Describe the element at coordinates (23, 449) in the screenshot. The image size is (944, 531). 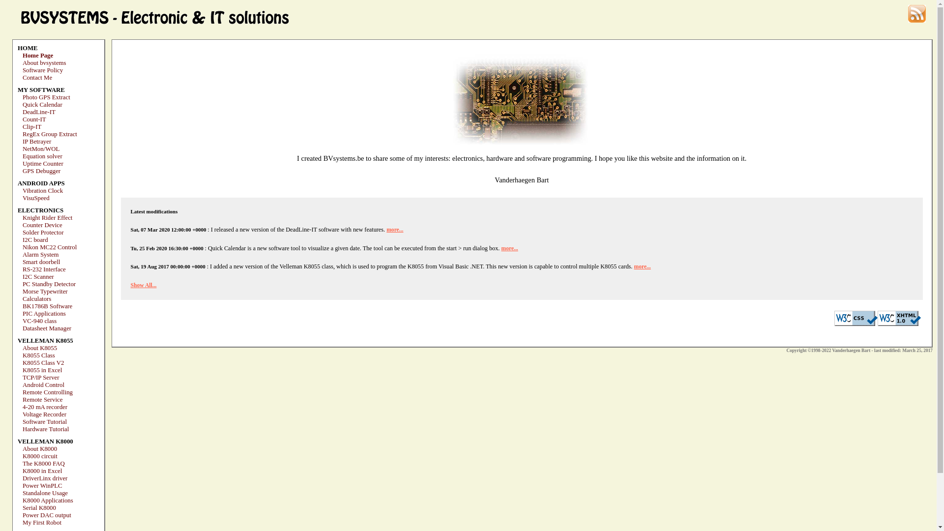
I see `'About K8000'` at that location.